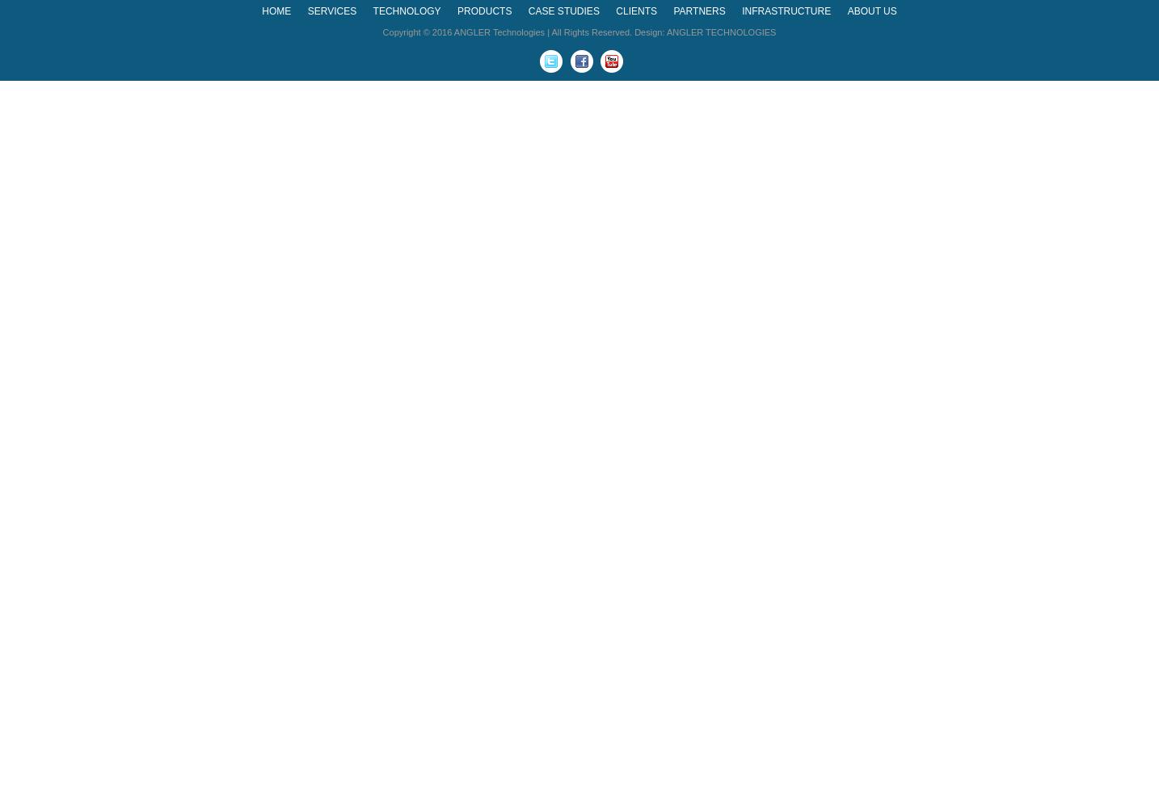  What do you see at coordinates (406, 11) in the screenshot?
I see `'TECHNOLOGY'` at bounding box center [406, 11].